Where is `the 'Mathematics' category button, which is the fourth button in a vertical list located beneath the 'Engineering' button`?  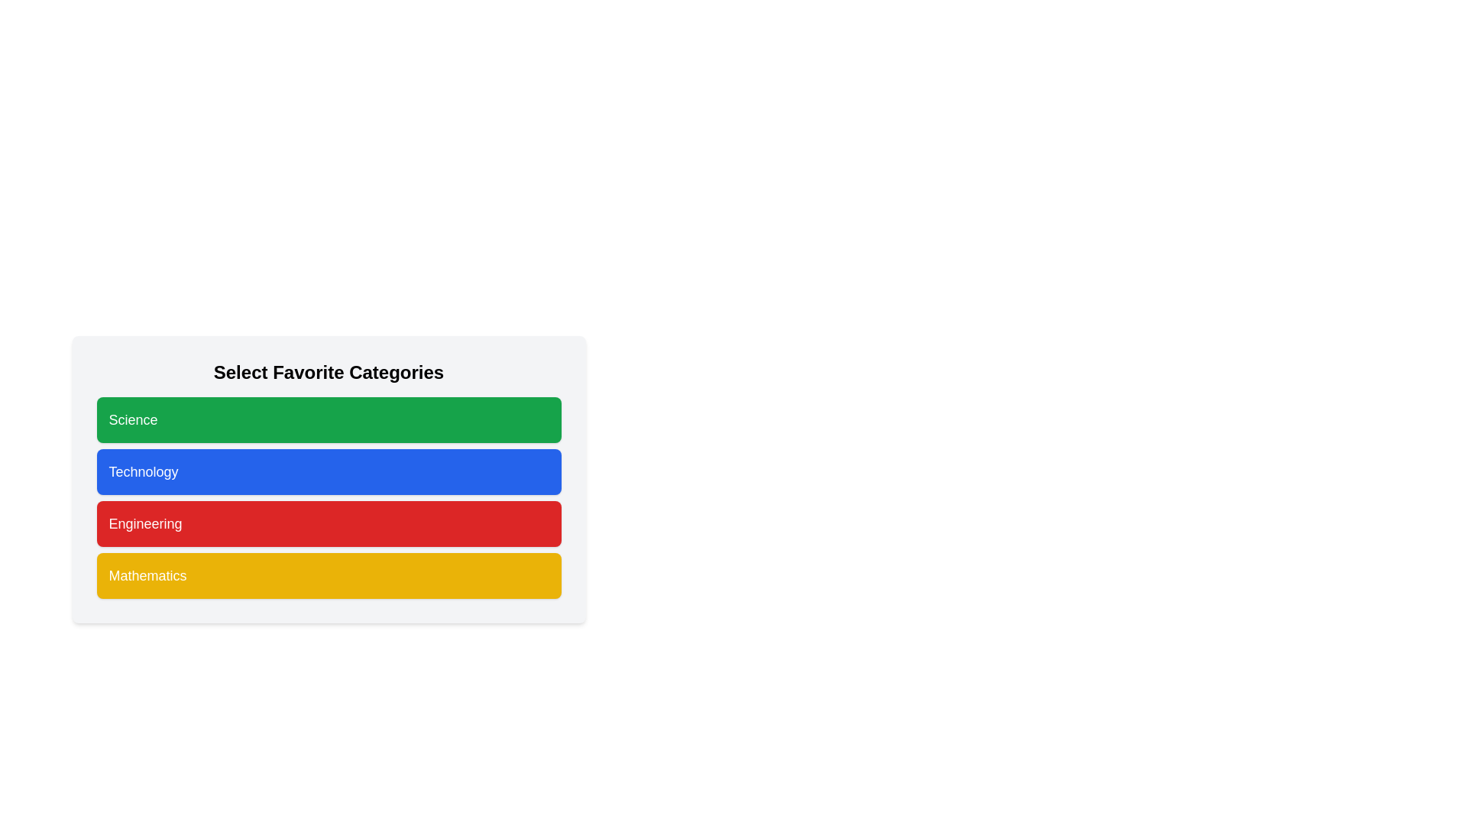 the 'Mathematics' category button, which is the fourth button in a vertical list located beneath the 'Engineering' button is located at coordinates (328, 575).